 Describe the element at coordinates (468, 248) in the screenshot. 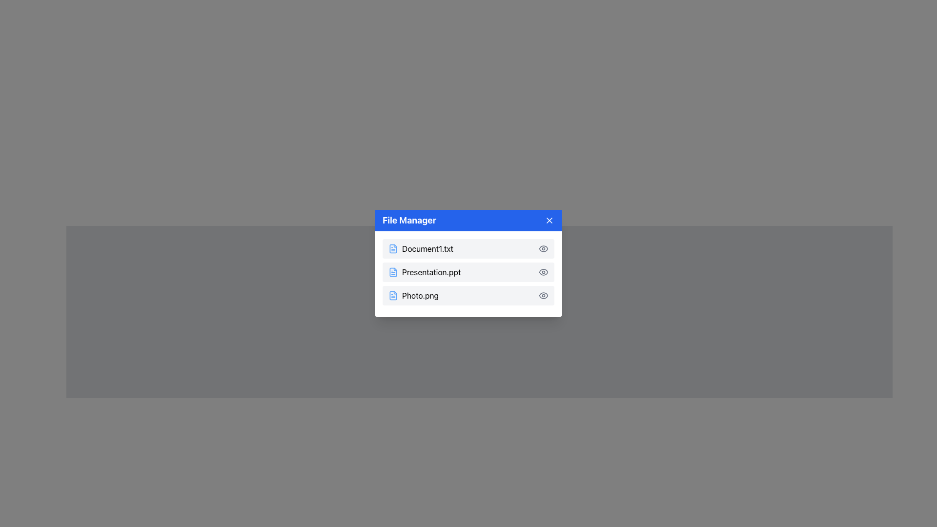

I see `the first file entry in the 'File Manager' window` at that location.